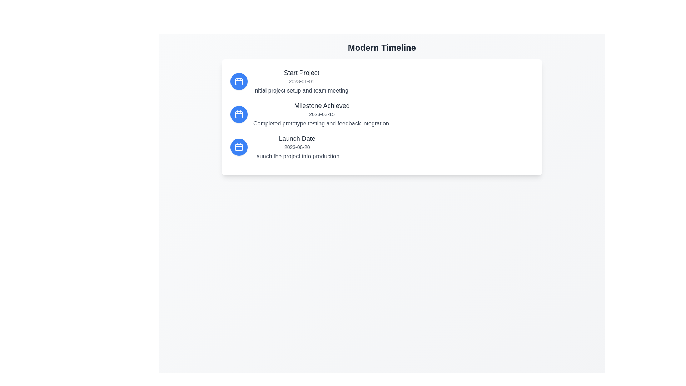 The image size is (686, 386). I want to click on the 'Launch Date' text label element, which is styled in dark gray and serves as a title within the timeline interface, so click(297, 139).